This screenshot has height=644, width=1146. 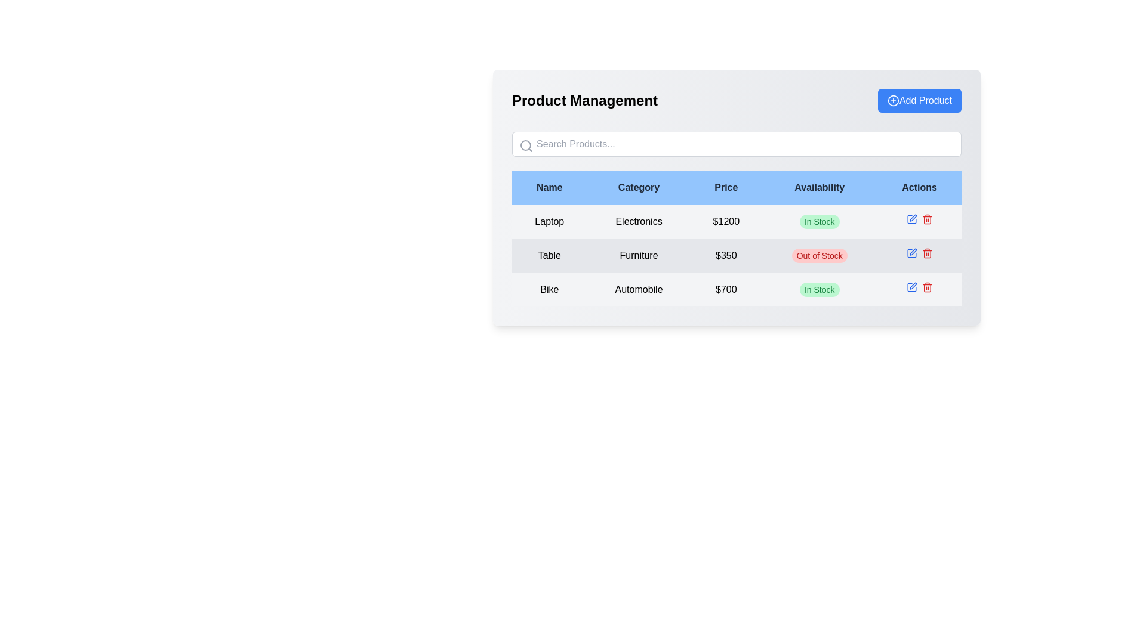 I want to click on the edit icon in the last row of the 'Actions' column, so click(x=911, y=287).